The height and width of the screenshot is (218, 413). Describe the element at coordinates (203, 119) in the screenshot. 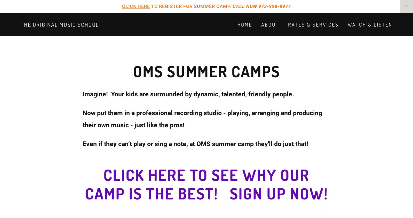

I see `'Now put them in a professional recording studio - playing, arranging and producing their own music - just like the pros!'` at that location.